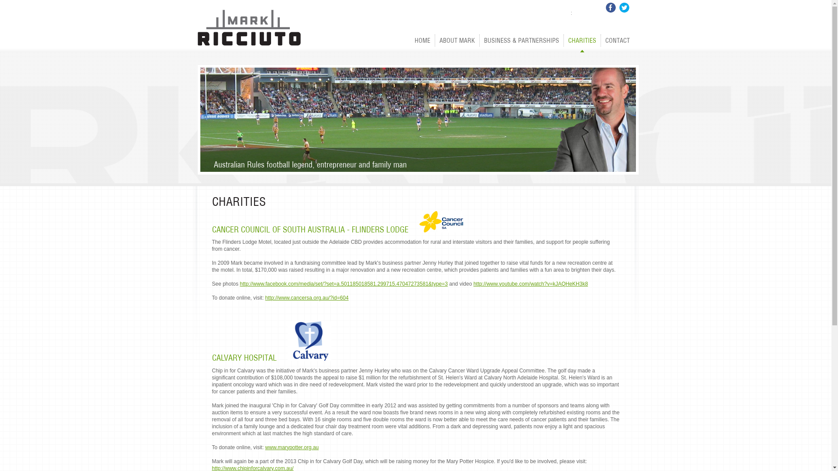 The width and height of the screenshot is (838, 471). Describe the element at coordinates (617, 40) in the screenshot. I see `'CONTACT'` at that location.